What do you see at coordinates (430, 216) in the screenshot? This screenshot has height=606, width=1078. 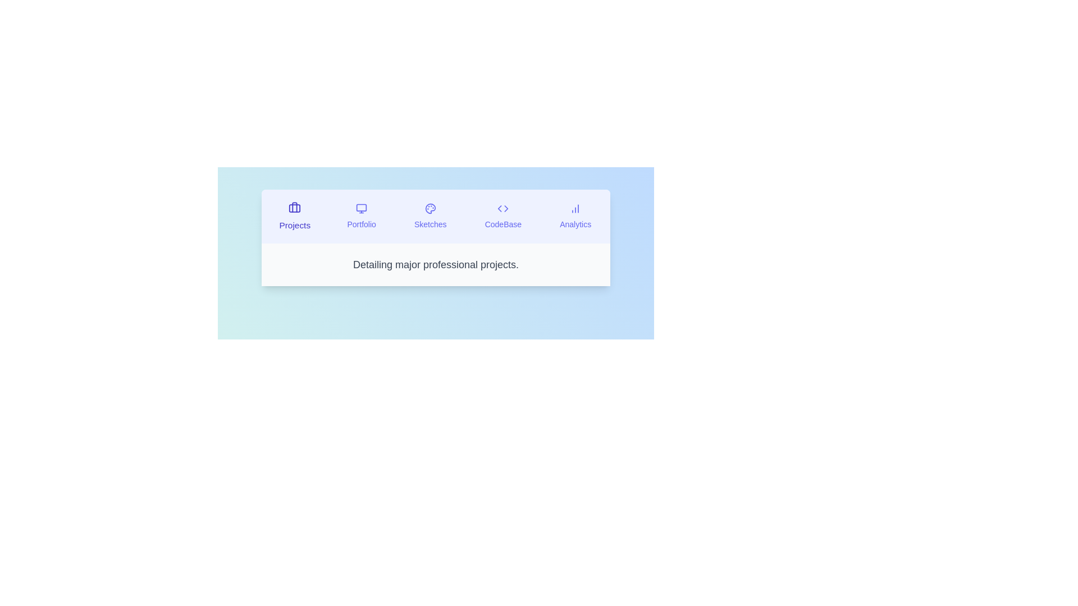 I see `the tab labeled Sketches` at bounding box center [430, 216].